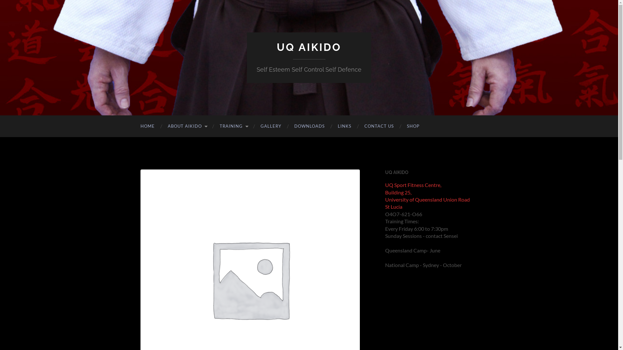  What do you see at coordinates (379, 126) in the screenshot?
I see `'CONTACT US'` at bounding box center [379, 126].